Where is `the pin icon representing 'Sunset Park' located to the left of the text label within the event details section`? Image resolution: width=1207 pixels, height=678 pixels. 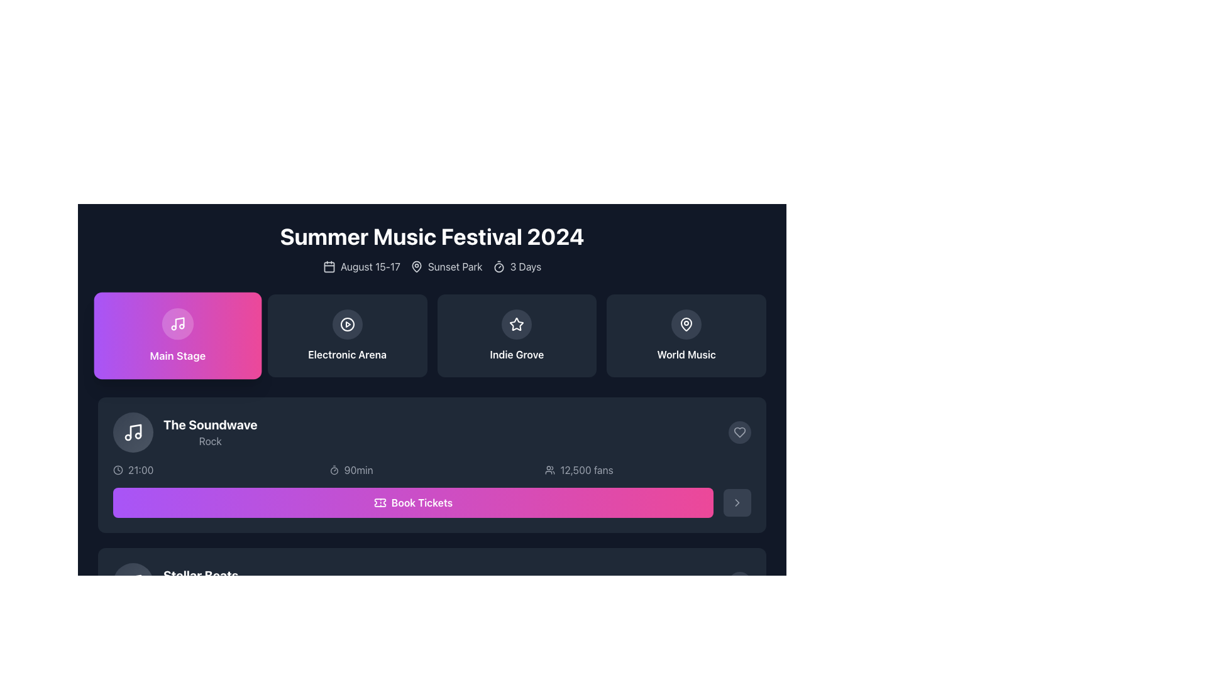 the pin icon representing 'Sunset Park' located to the left of the text label within the event details section is located at coordinates (416, 266).